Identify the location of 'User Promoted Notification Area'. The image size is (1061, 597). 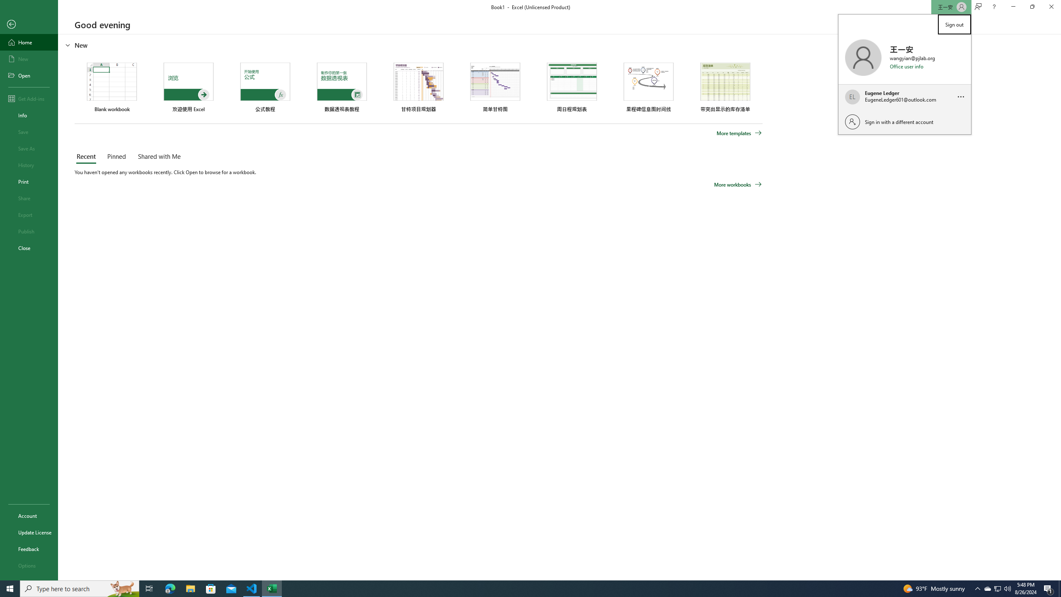
(997, 588).